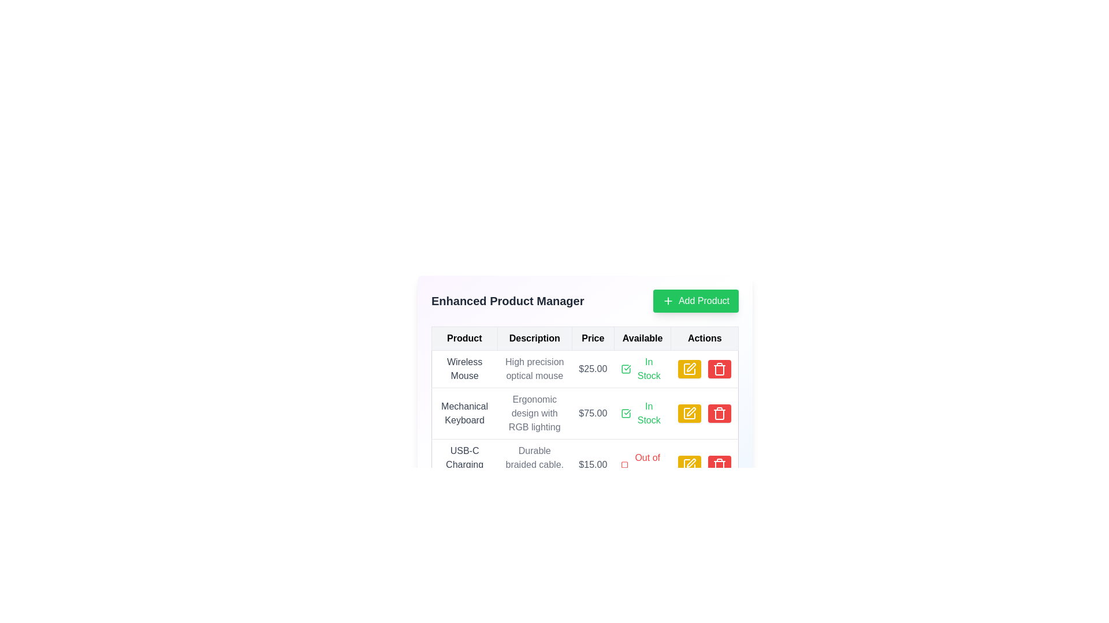 This screenshot has height=623, width=1109. I want to click on the 'Available' column header text in the fourth column of the 'Enhanced Product Manager' table, which is bold and centered in its rectangular cell, so click(642, 337).